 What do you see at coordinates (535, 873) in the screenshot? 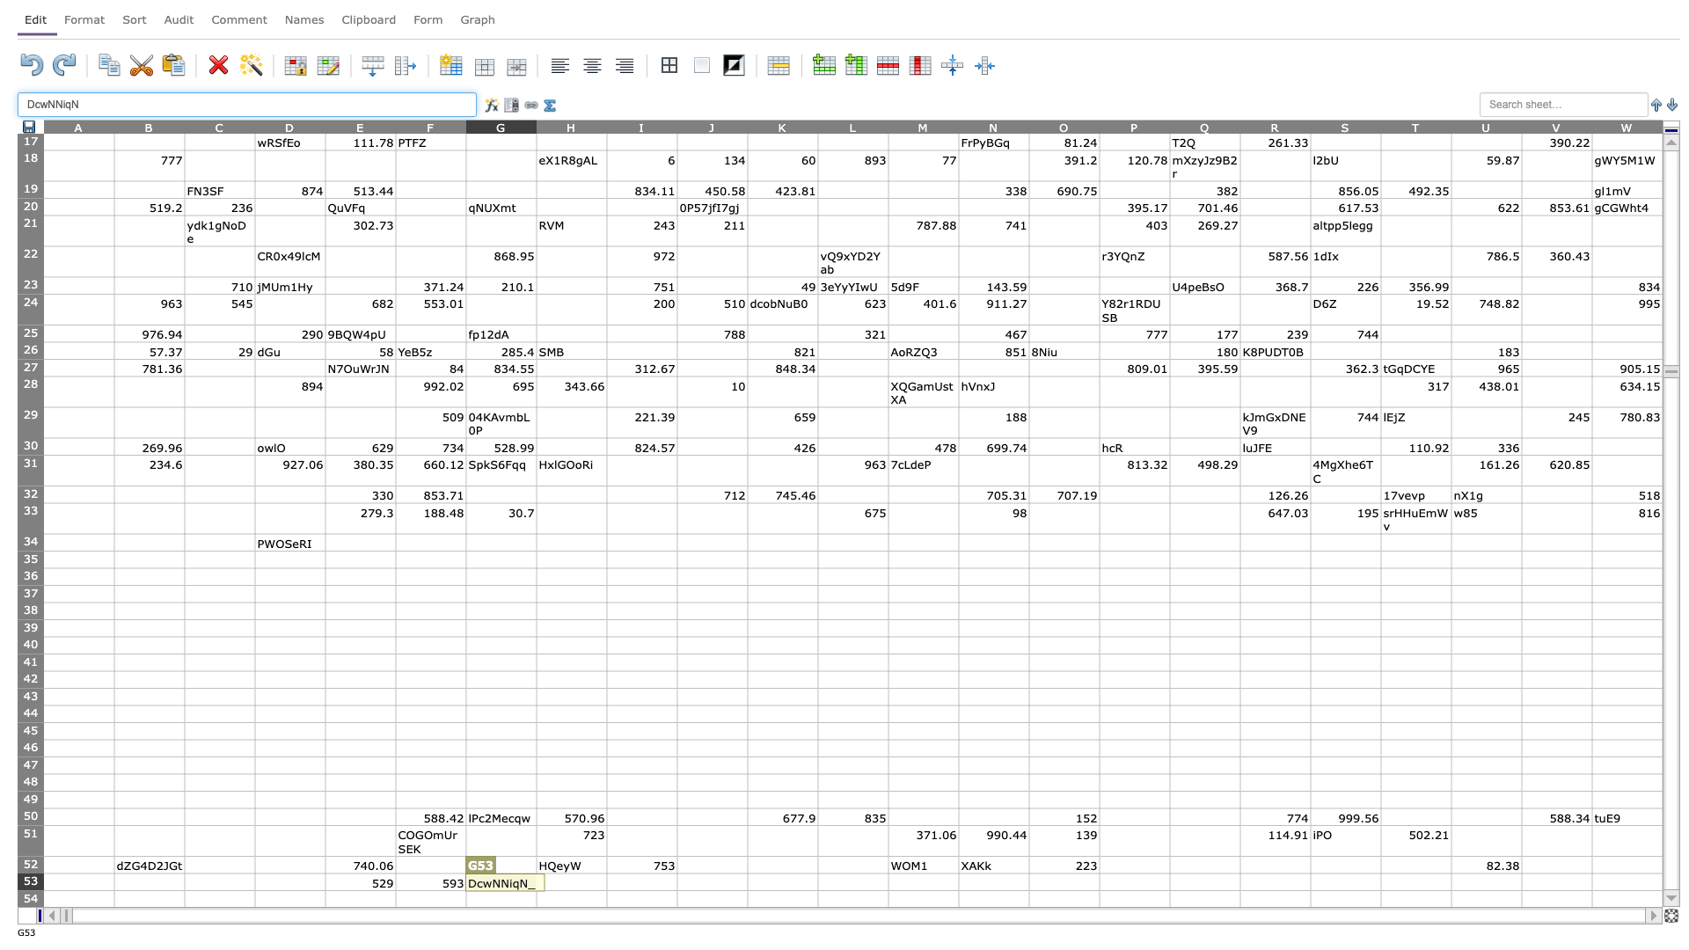
I see `Upper left of H53` at bounding box center [535, 873].